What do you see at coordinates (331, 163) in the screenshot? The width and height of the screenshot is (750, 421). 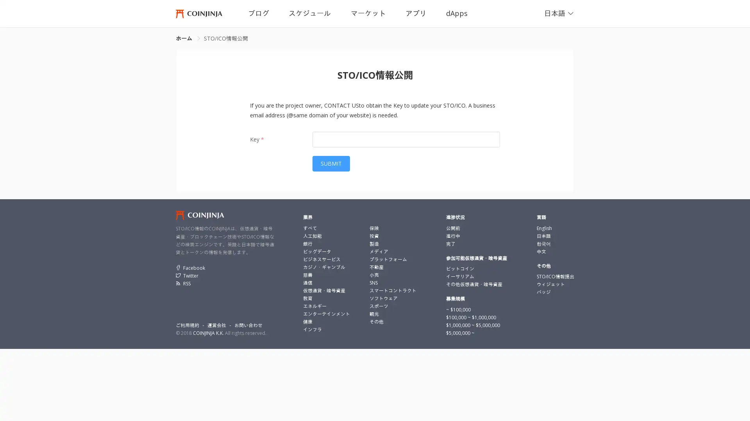 I see `SUBMIT` at bounding box center [331, 163].